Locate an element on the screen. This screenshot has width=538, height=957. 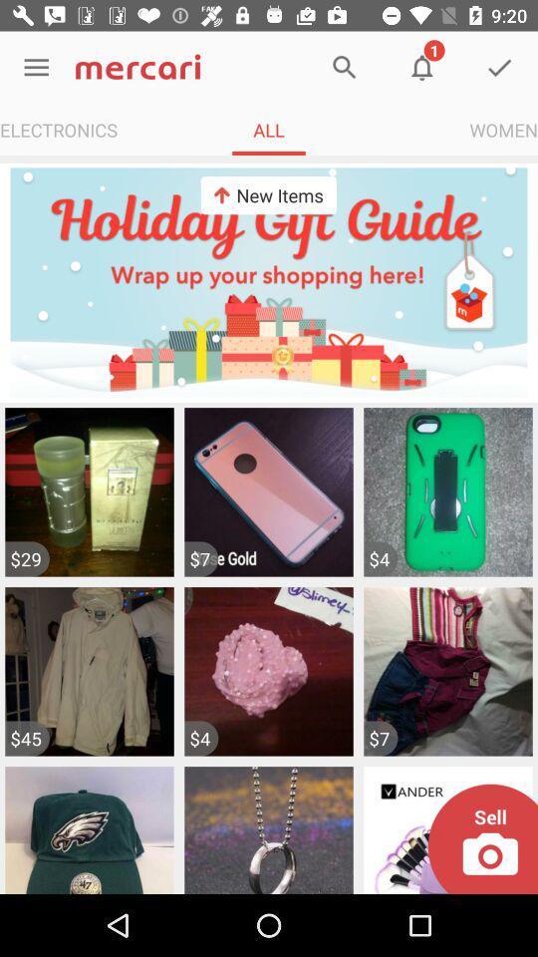
icon next to the all item is located at coordinates (502, 129).